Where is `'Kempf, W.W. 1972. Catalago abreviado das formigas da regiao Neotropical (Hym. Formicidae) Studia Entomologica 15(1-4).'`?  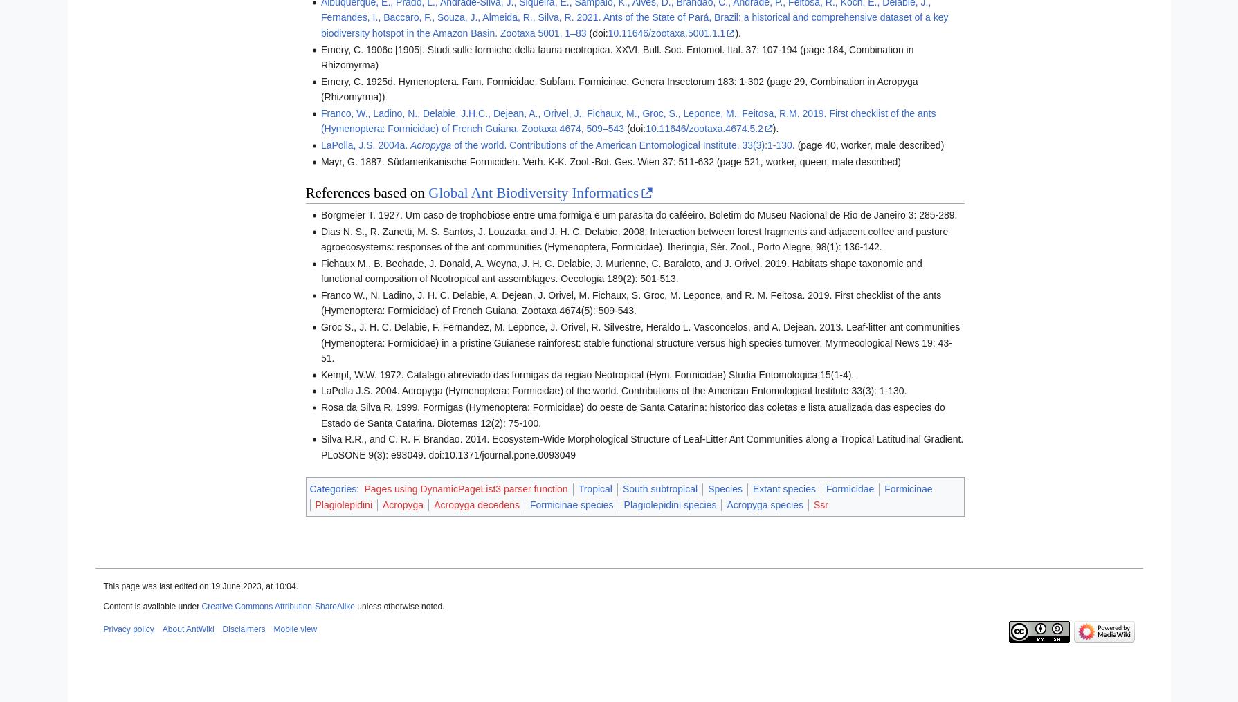
'Kempf, W.W. 1972. Catalago abreviado das formigas da regiao Neotropical (Hym. Formicidae) Studia Entomologica 15(1-4).' is located at coordinates (587, 373).